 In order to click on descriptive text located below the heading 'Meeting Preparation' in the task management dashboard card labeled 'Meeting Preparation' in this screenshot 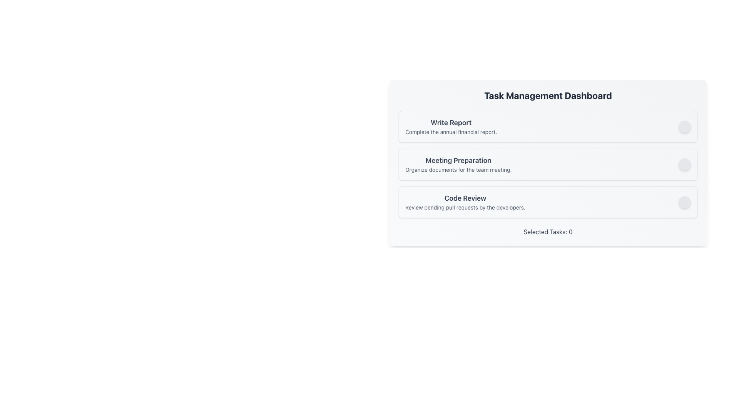, I will do `click(458, 169)`.